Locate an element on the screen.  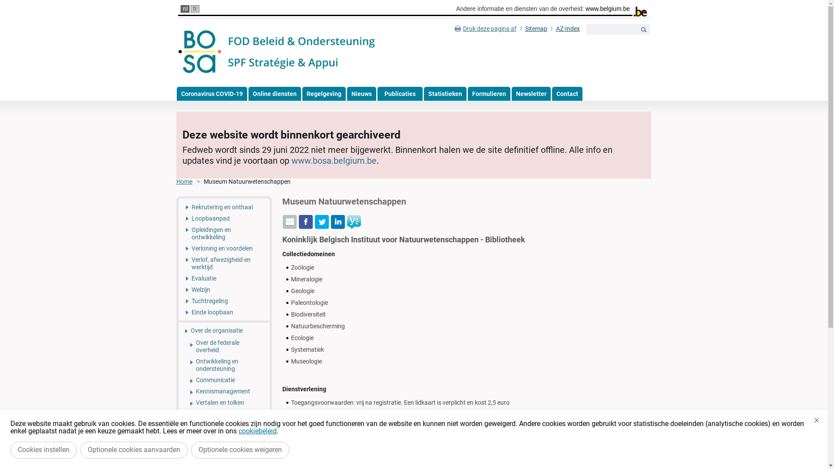
'www.bosa.belgium.be' is located at coordinates (333, 161).